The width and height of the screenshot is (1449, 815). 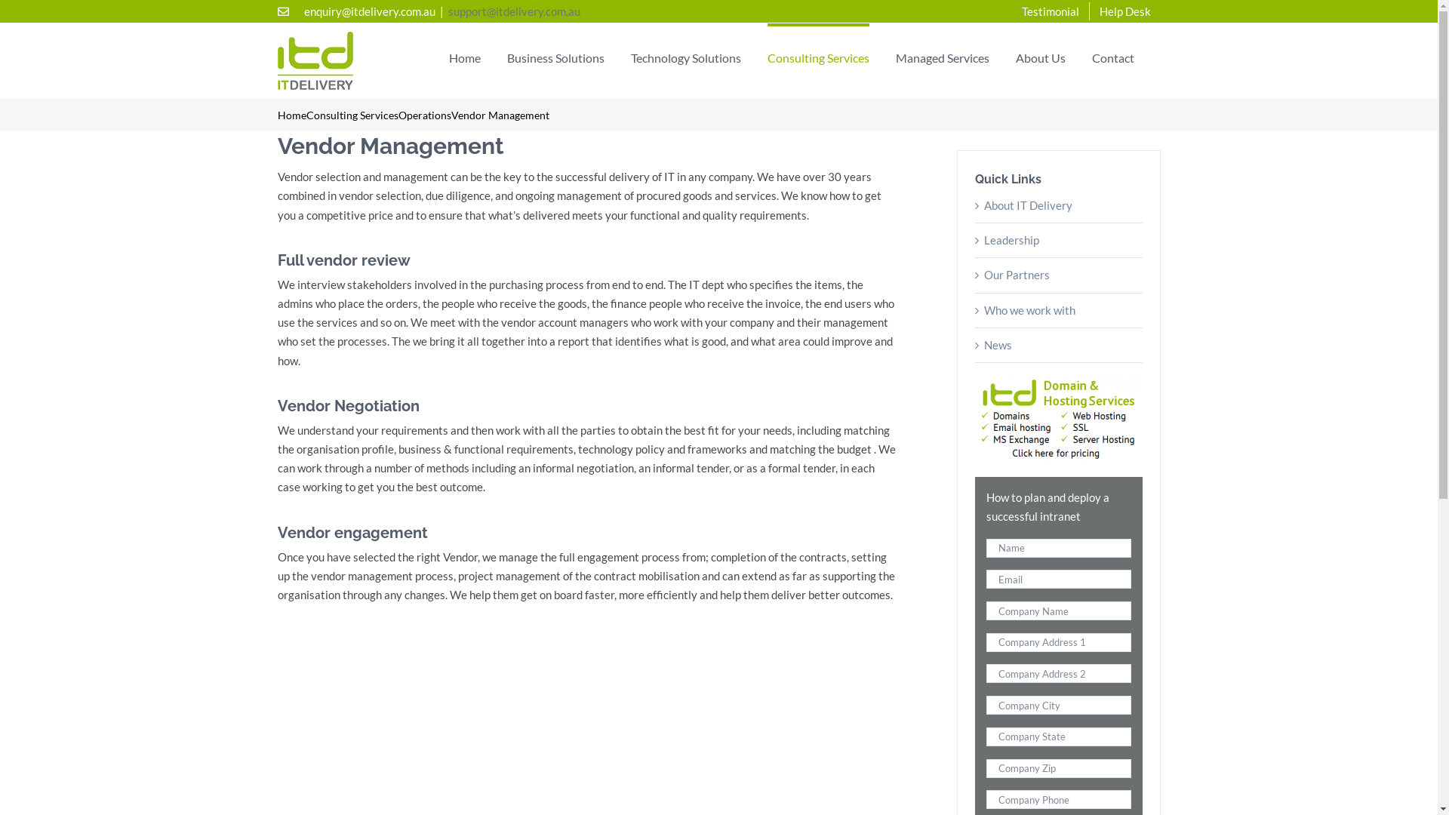 I want to click on 'Leadership', so click(x=984, y=238).